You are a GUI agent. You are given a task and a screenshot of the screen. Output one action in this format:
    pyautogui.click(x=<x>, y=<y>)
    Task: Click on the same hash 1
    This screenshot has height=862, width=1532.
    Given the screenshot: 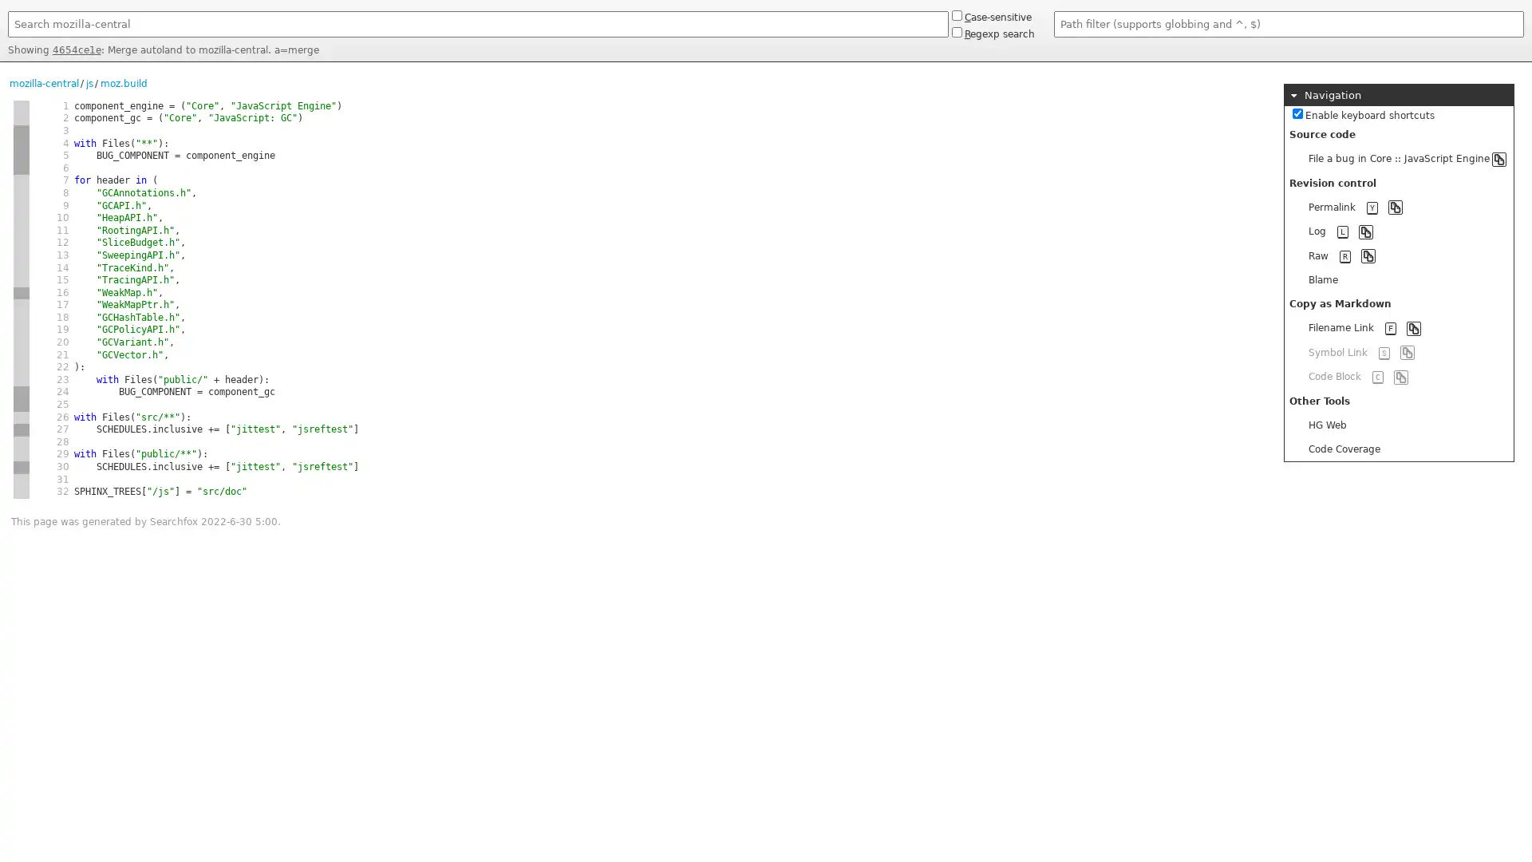 What is the action you would take?
    pyautogui.click(x=22, y=317)
    